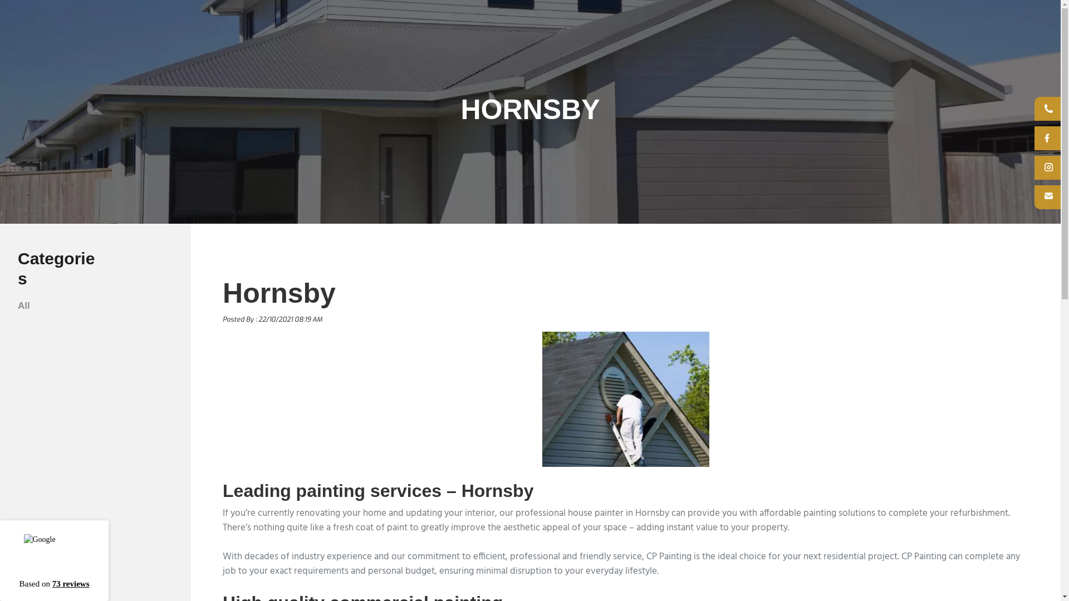  I want to click on 'All', so click(24, 306).